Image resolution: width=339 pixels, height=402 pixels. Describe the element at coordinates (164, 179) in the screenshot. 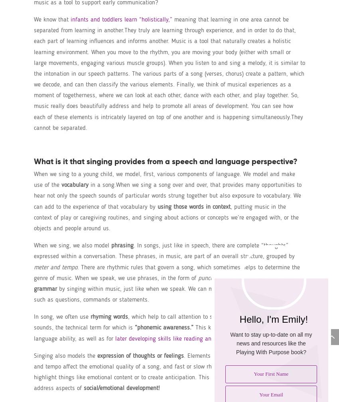

I see `'When we sing to a young child, we model, first, various components of language. We model and make use of the'` at that location.